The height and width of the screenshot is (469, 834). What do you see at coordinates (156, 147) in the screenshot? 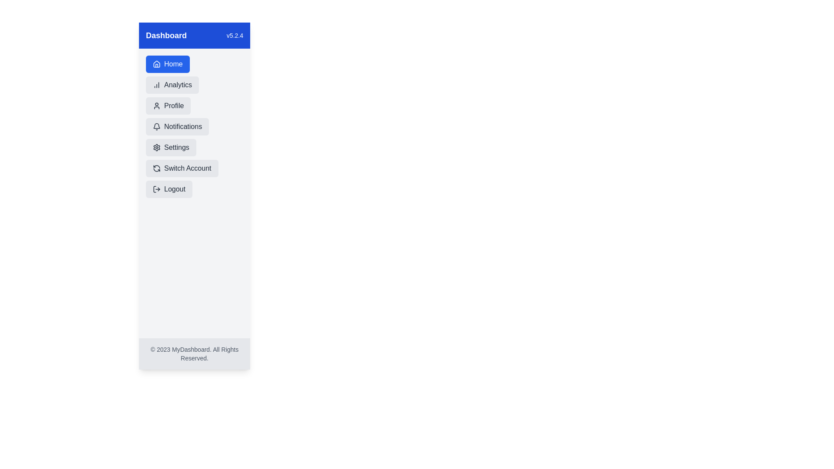
I see `the settings icon located in the vertical menu on the left-hand sidebar, positioned to the left of the text 'Settings'` at bounding box center [156, 147].